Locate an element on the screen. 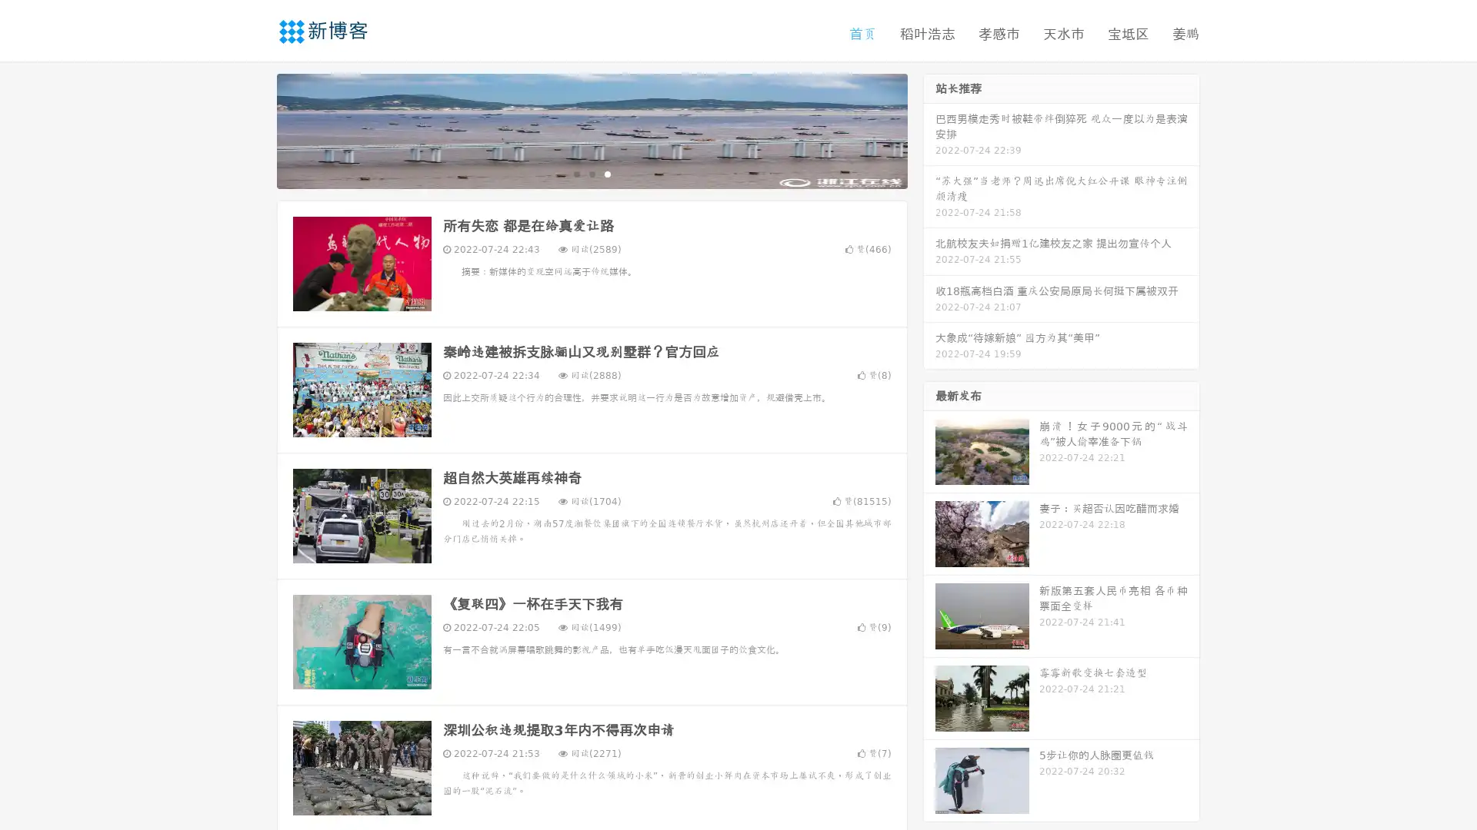  Go to slide 2 is located at coordinates (591, 173).